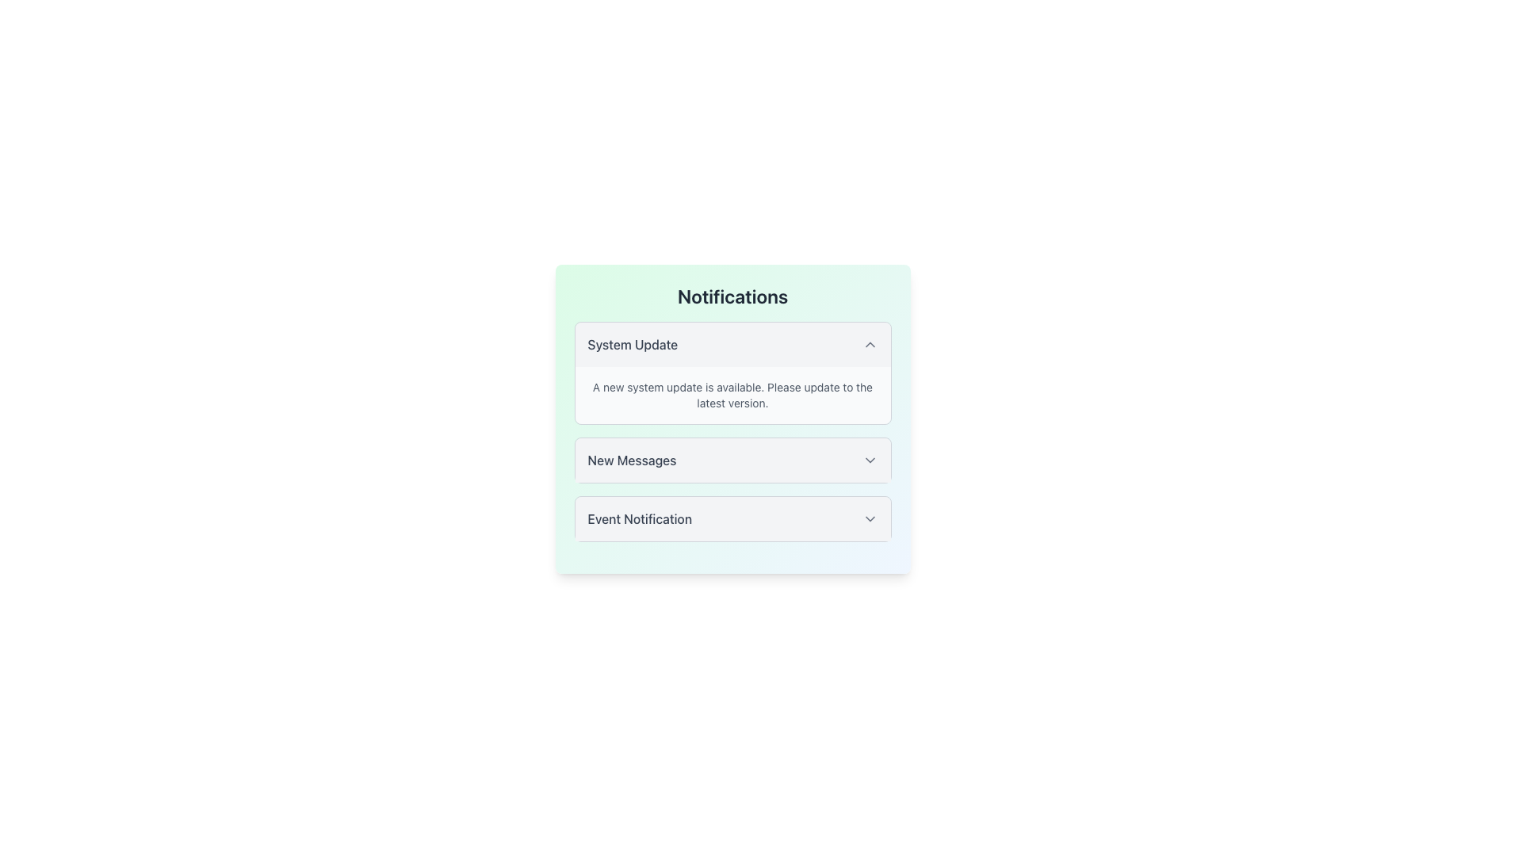  Describe the element at coordinates (869, 344) in the screenshot. I see `the chevron-up icon located at the far right of the 'System Update' section's header bar for visual feedback or a tooltip` at that location.